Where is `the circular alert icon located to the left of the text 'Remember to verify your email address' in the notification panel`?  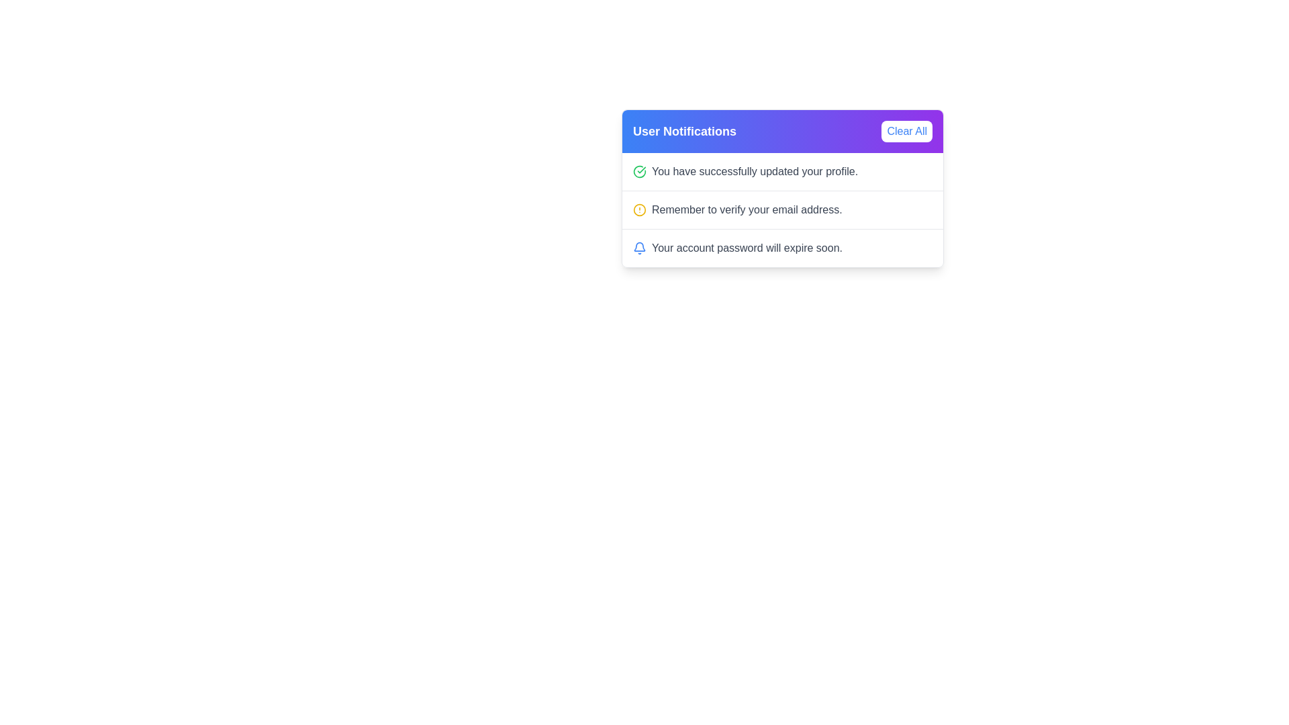
the circular alert icon located to the left of the text 'Remember to verify your email address' in the notification panel is located at coordinates (639, 209).